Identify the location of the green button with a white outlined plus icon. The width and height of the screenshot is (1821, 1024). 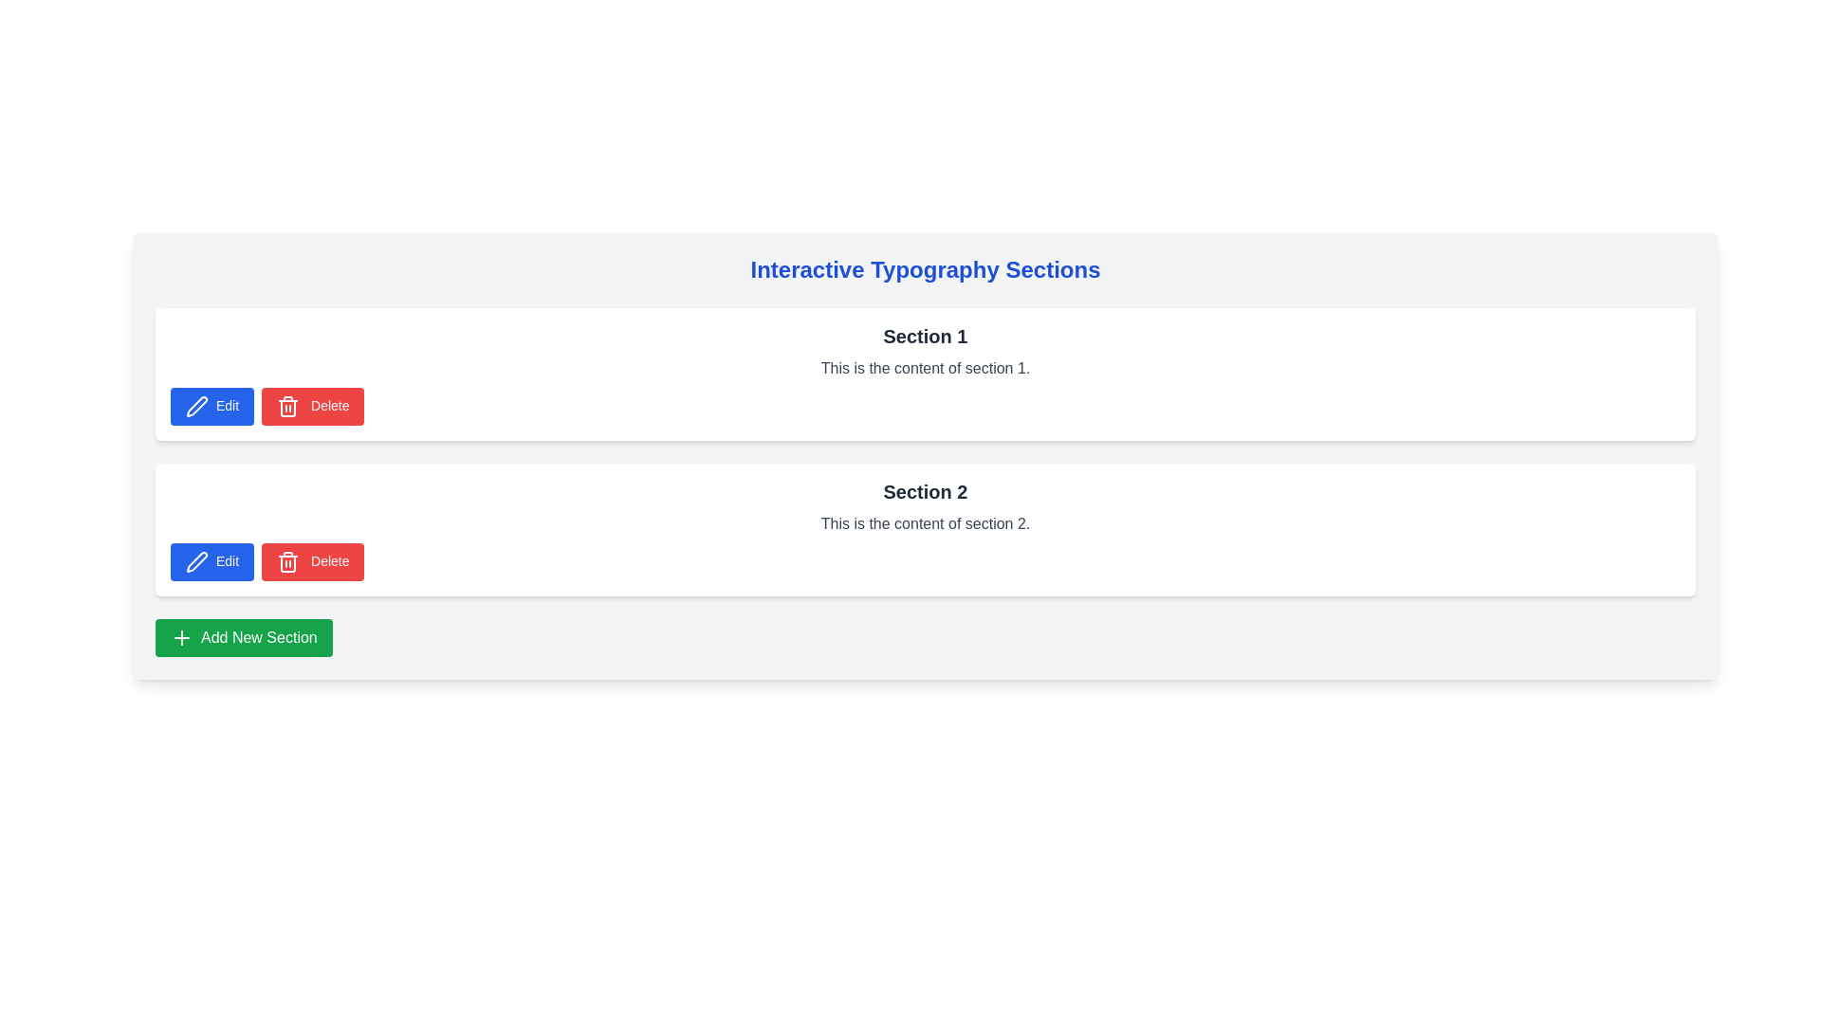
(182, 637).